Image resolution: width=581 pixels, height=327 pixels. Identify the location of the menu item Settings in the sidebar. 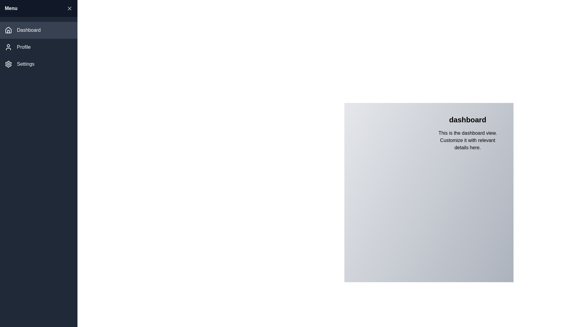
(38, 64).